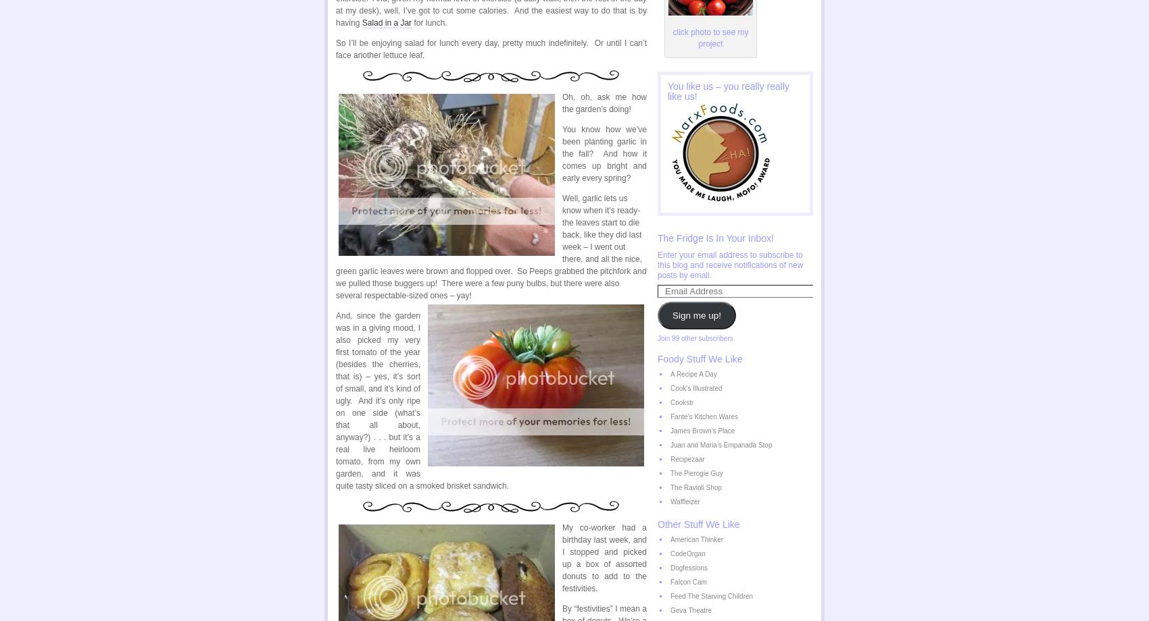 The image size is (1149, 621). I want to click on 'Cookstr', so click(669, 402).